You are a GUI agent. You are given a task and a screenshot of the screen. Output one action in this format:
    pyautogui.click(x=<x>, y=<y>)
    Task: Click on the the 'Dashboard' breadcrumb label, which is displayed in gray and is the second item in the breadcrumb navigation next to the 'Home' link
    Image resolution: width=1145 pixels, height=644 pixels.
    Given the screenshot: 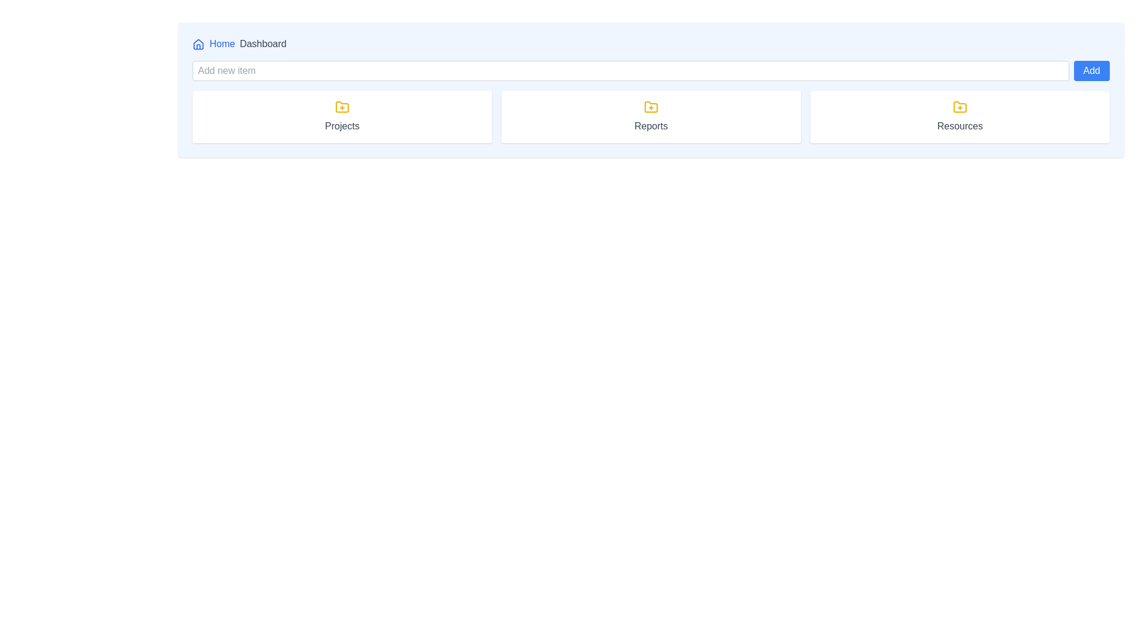 What is the action you would take?
    pyautogui.click(x=262, y=43)
    